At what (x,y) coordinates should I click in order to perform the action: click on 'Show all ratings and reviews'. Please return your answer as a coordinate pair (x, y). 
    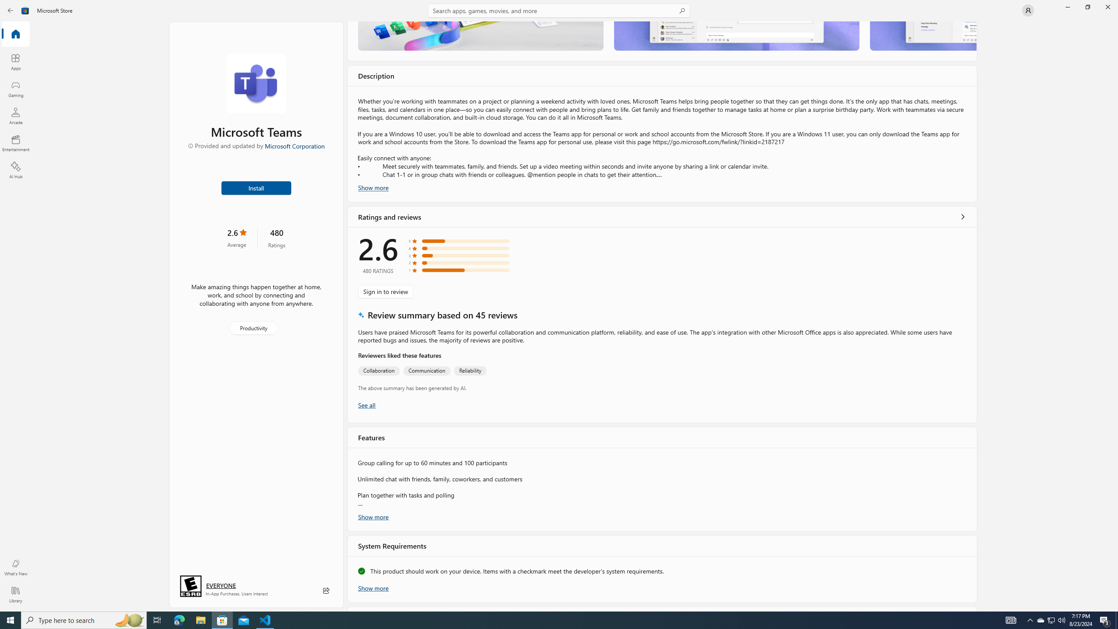
    Looking at the image, I should click on (366, 404).